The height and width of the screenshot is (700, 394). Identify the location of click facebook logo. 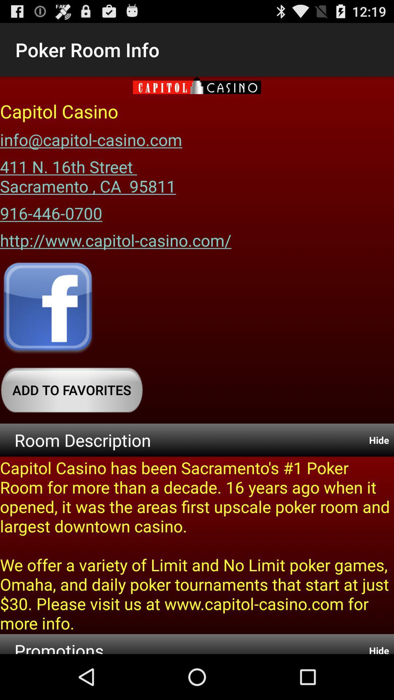
(48, 308).